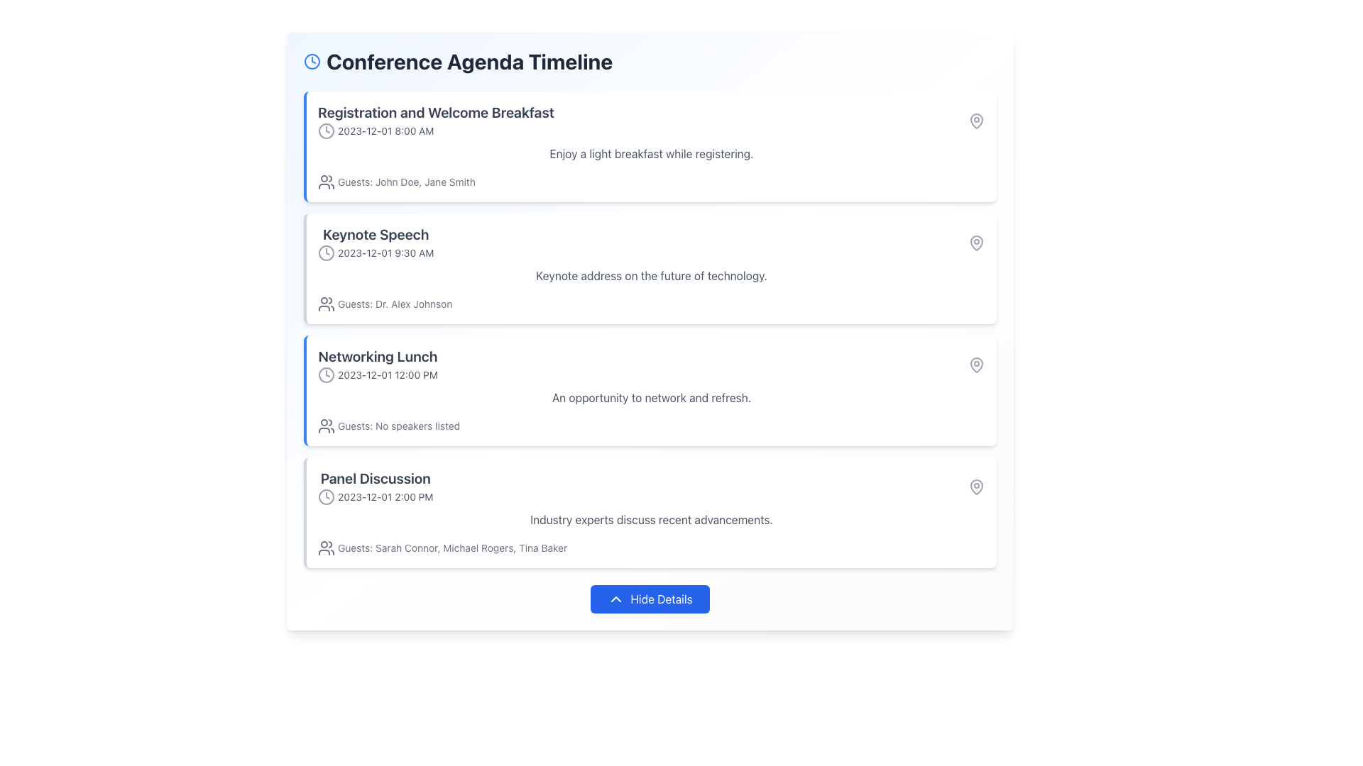  I want to click on the title and time indicator for the first event in the agenda, so click(650, 120).